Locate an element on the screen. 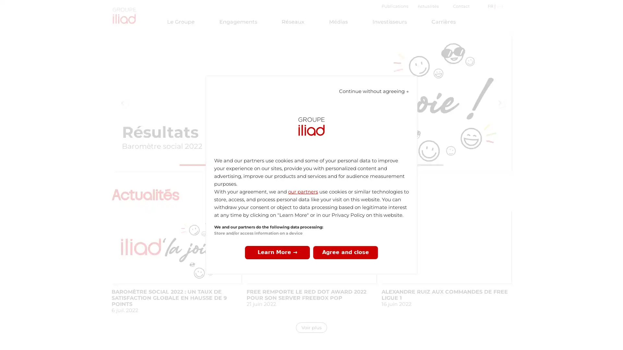 The image size is (623, 350). FR is located at coordinates (491, 6).